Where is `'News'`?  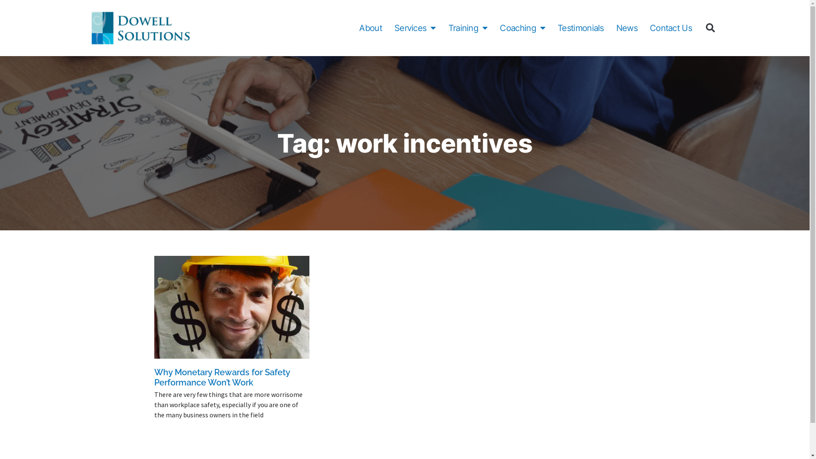 'News' is located at coordinates (626, 27).